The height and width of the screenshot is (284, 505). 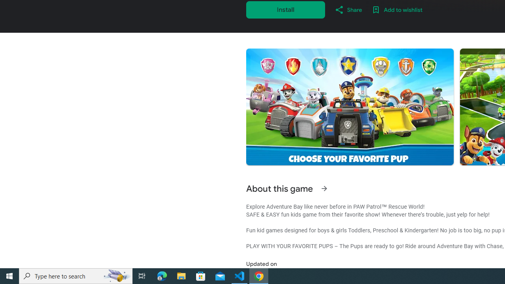 What do you see at coordinates (285, 9) in the screenshot?
I see `'Install'` at bounding box center [285, 9].